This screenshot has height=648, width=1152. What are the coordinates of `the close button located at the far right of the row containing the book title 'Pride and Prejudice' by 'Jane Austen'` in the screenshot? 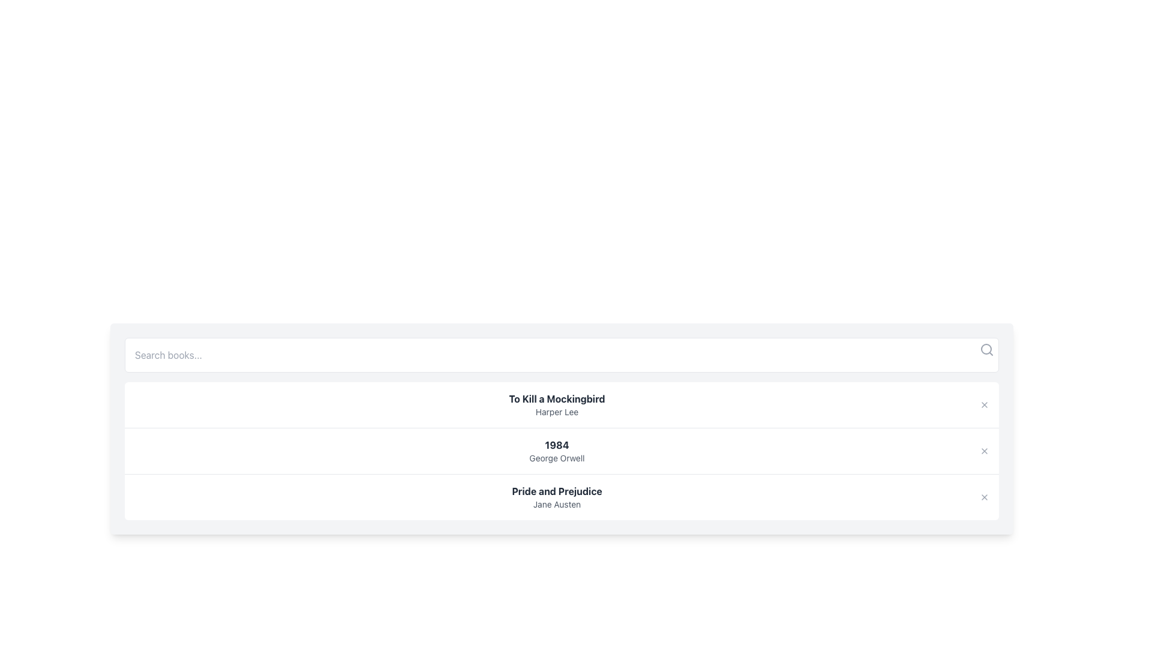 It's located at (985, 497).